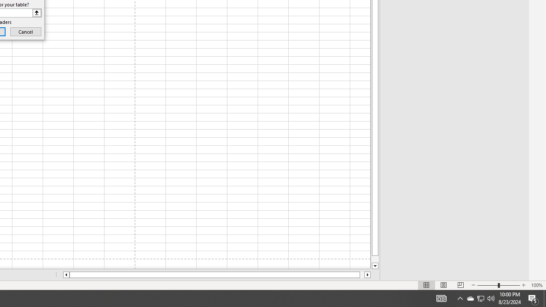  What do you see at coordinates (217, 275) in the screenshot?
I see `'Class: NetUIScrollBar'` at bounding box center [217, 275].